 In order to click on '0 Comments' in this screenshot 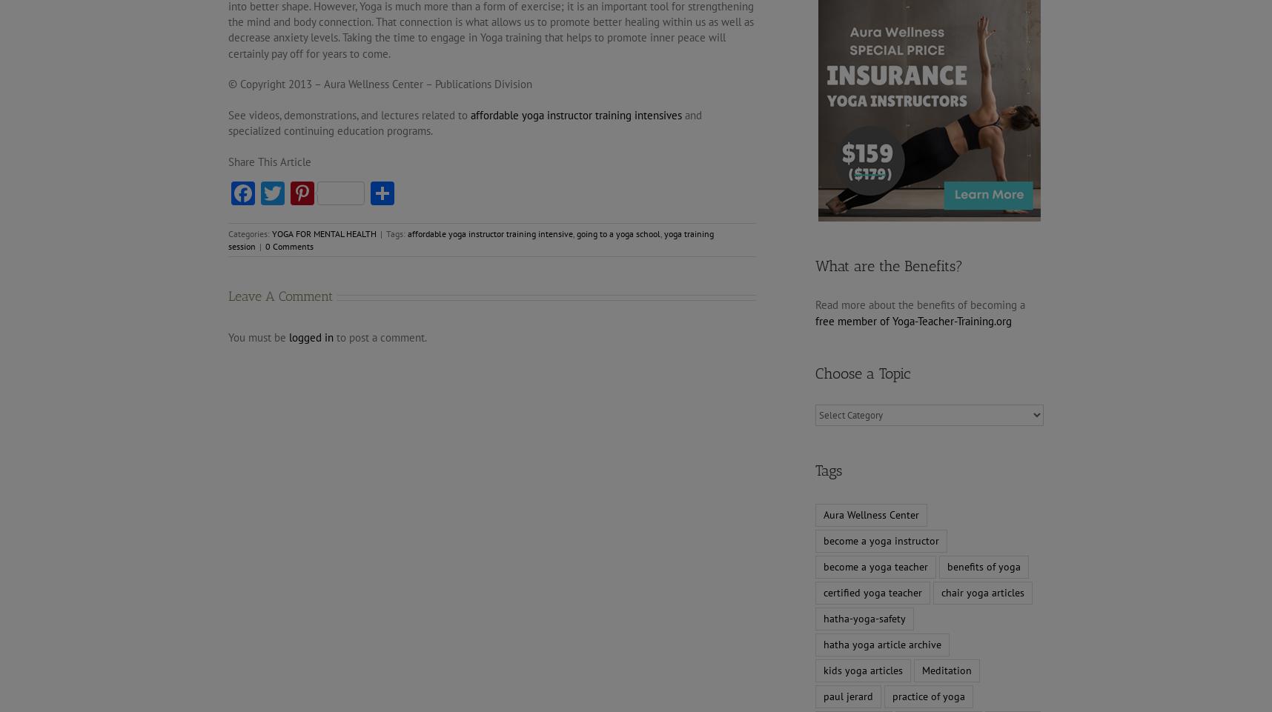, I will do `click(289, 245)`.